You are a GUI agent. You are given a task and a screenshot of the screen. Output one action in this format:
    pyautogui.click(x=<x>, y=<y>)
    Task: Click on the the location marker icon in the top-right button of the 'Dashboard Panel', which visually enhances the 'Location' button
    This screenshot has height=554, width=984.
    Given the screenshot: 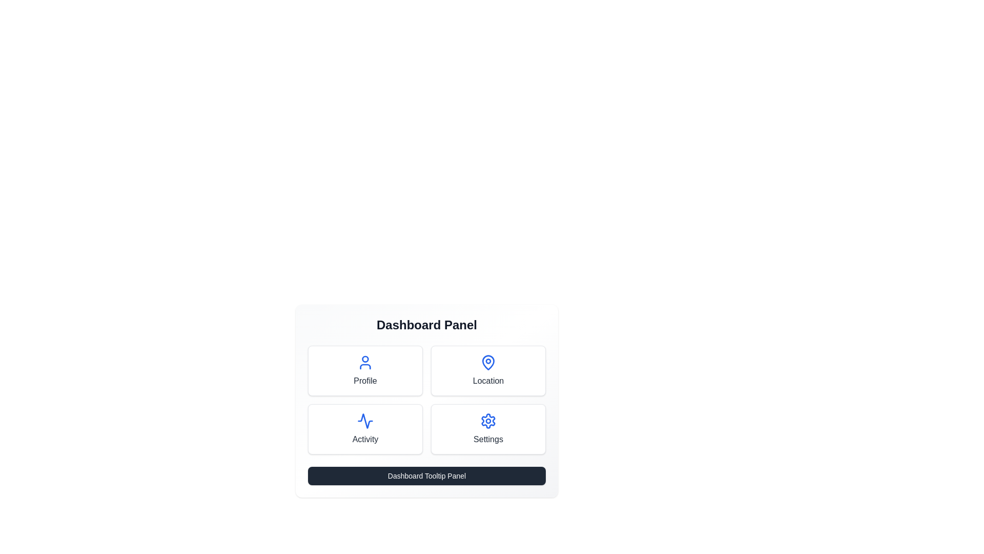 What is the action you would take?
    pyautogui.click(x=488, y=362)
    